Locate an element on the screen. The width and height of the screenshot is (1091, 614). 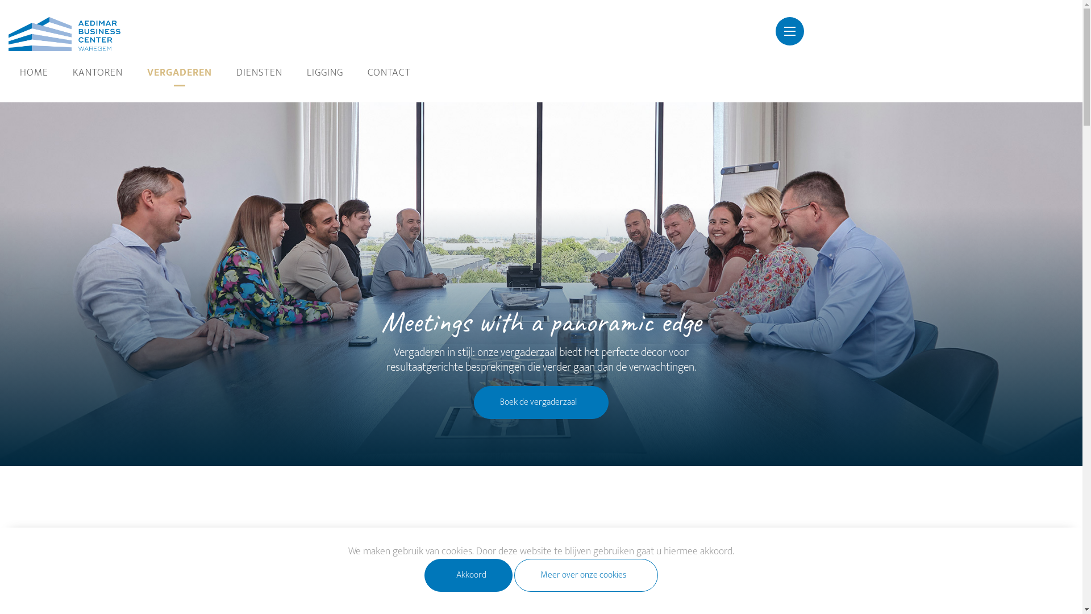
'LIGGING' is located at coordinates (324, 73).